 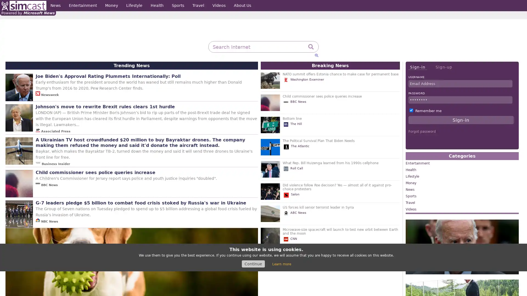 What do you see at coordinates (253, 264) in the screenshot?
I see `Continue` at bounding box center [253, 264].